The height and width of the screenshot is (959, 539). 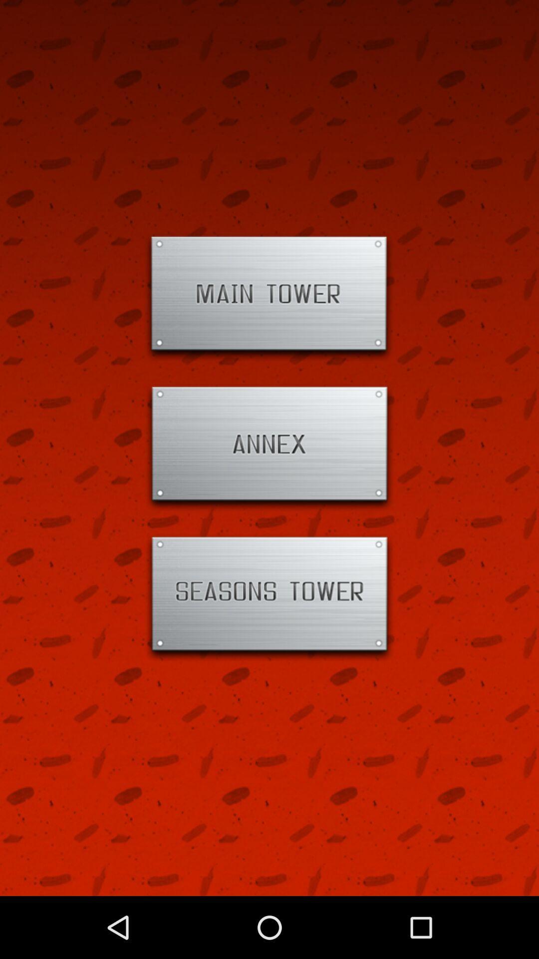 I want to click on open selected item, so click(x=269, y=598).